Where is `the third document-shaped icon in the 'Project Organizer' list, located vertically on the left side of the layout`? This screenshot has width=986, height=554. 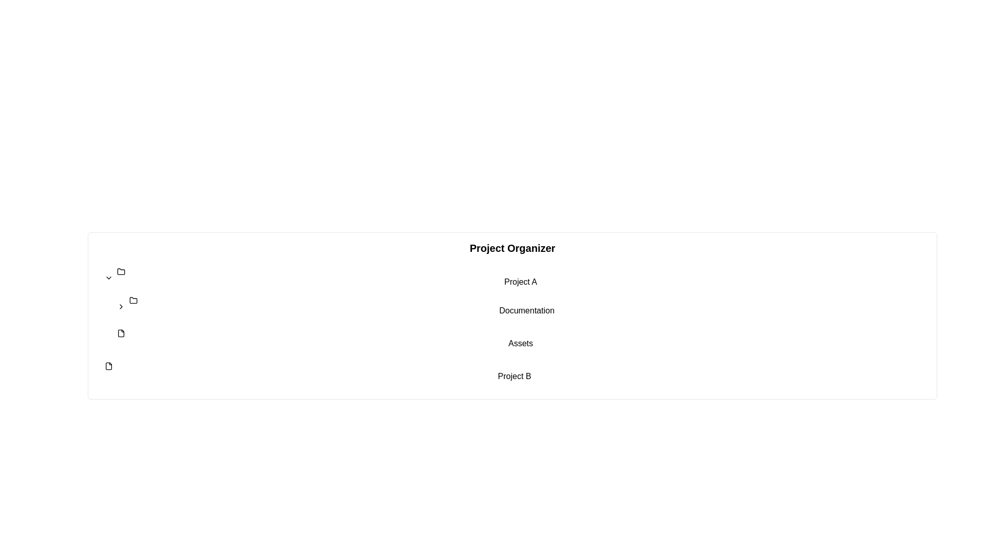 the third document-shaped icon in the 'Project Organizer' list, located vertically on the left side of the layout is located at coordinates (108, 365).